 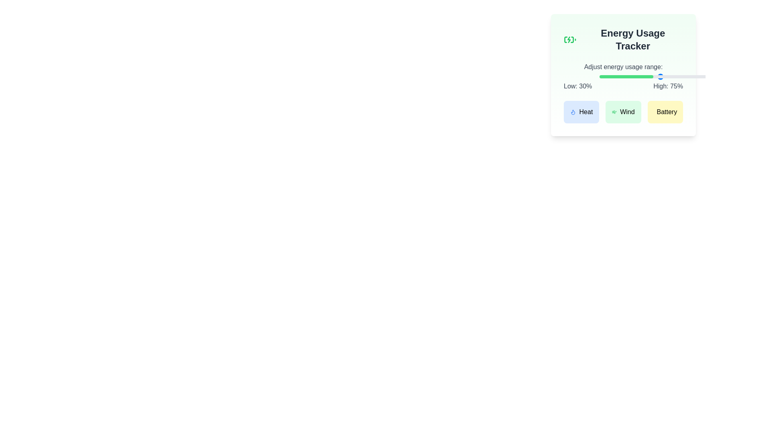 What do you see at coordinates (573, 112) in the screenshot?
I see `the 'Heat' button located in the bottom section of the Energy Usage Tracker card interface` at bounding box center [573, 112].